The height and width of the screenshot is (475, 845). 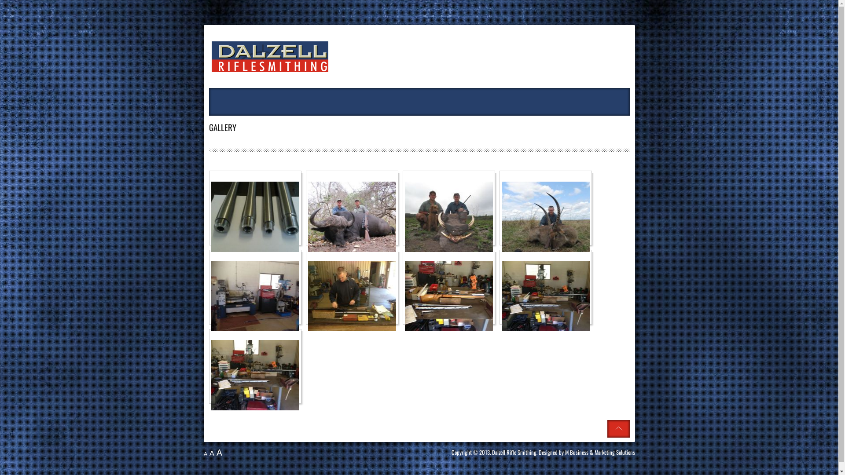 What do you see at coordinates (352, 296) in the screenshot?
I see `'Click to enlarge image IMG_1458.jpg'` at bounding box center [352, 296].